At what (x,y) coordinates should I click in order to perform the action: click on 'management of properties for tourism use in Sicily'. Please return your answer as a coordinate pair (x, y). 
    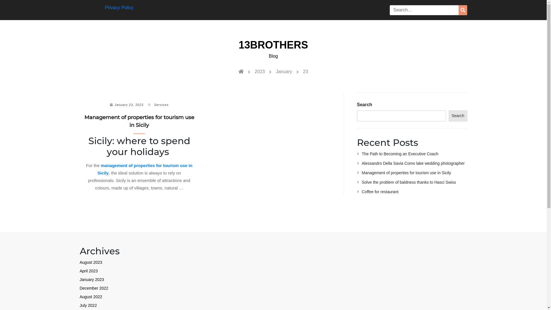
    Looking at the image, I should click on (97, 169).